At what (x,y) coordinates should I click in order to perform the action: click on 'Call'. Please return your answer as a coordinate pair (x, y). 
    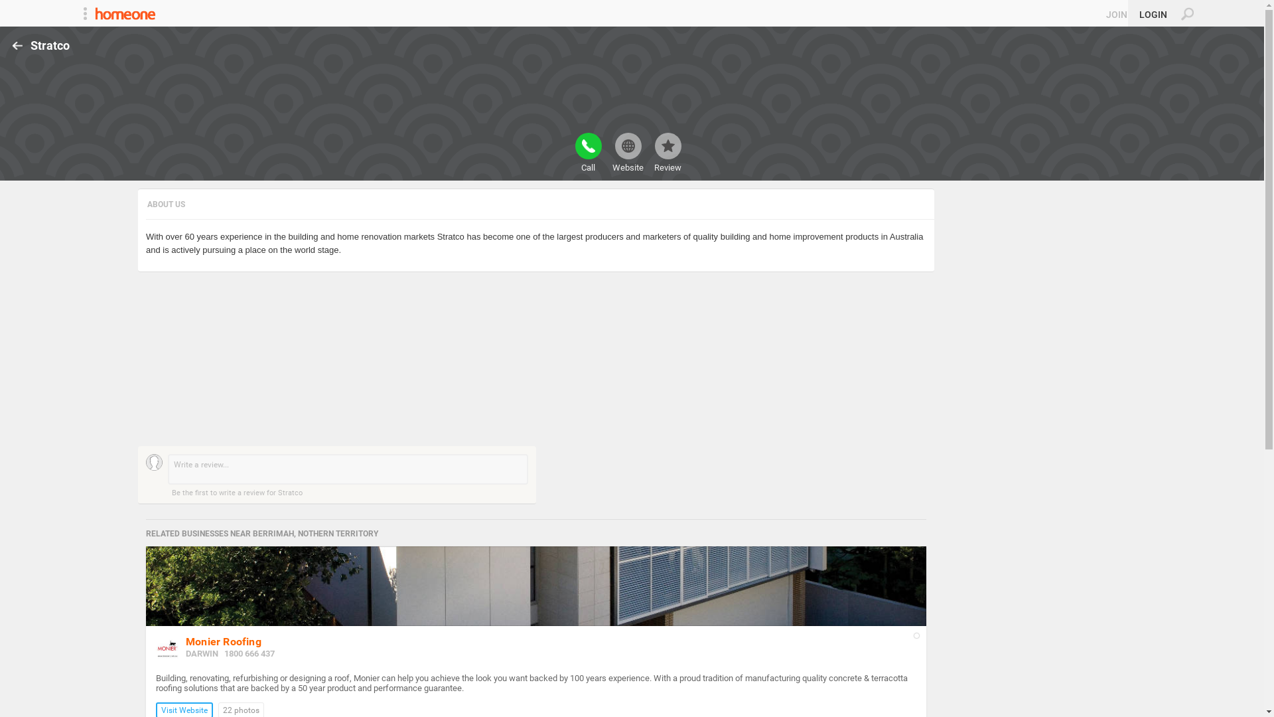
    Looking at the image, I should click on (587, 152).